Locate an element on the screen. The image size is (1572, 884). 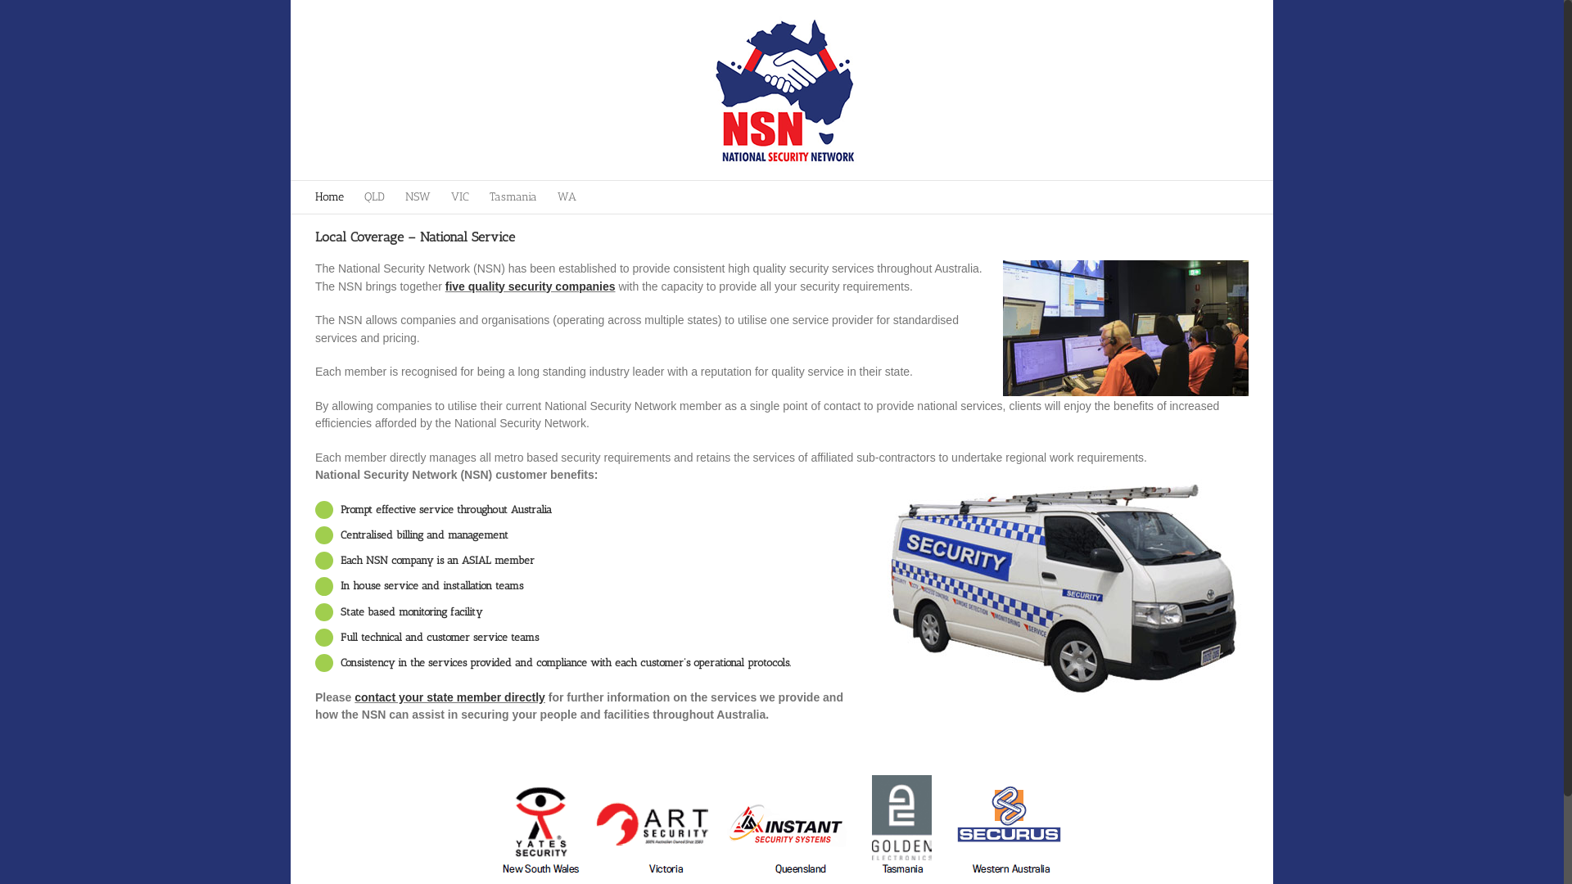
'Tasmania' is located at coordinates (513, 196).